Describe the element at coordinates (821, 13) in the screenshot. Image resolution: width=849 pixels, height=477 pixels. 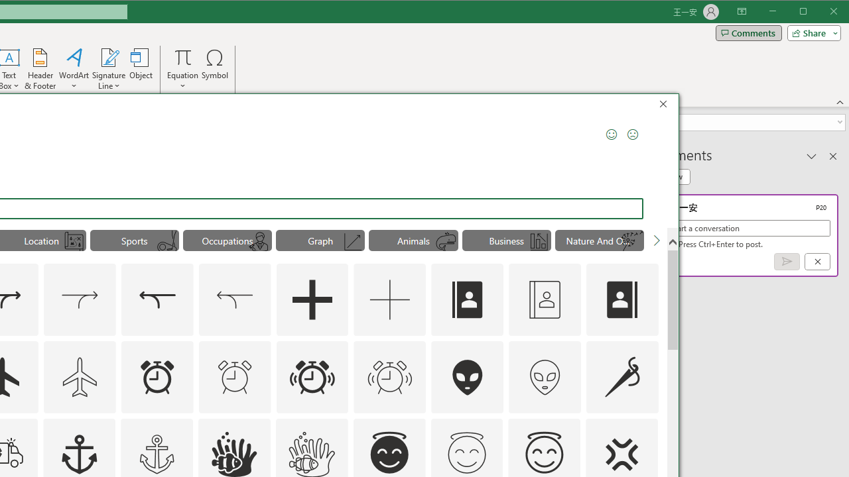
I see `'Maximize'` at that location.